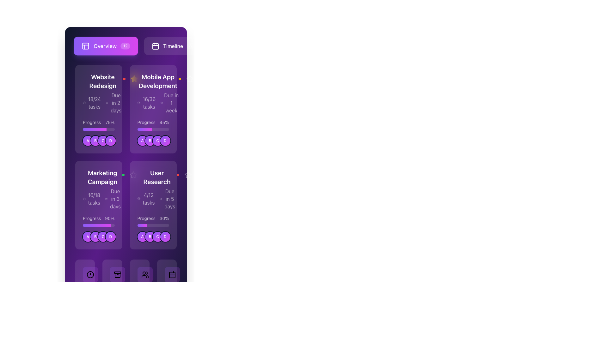  What do you see at coordinates (147, 103) in the screenshot?
I see `the text element that displays the number of tasks completed (16) out of total tasks (36) in the card labeled 'Mobile App Development', located in the second column, first row of the grid layout` at bounding box center [147, 103].